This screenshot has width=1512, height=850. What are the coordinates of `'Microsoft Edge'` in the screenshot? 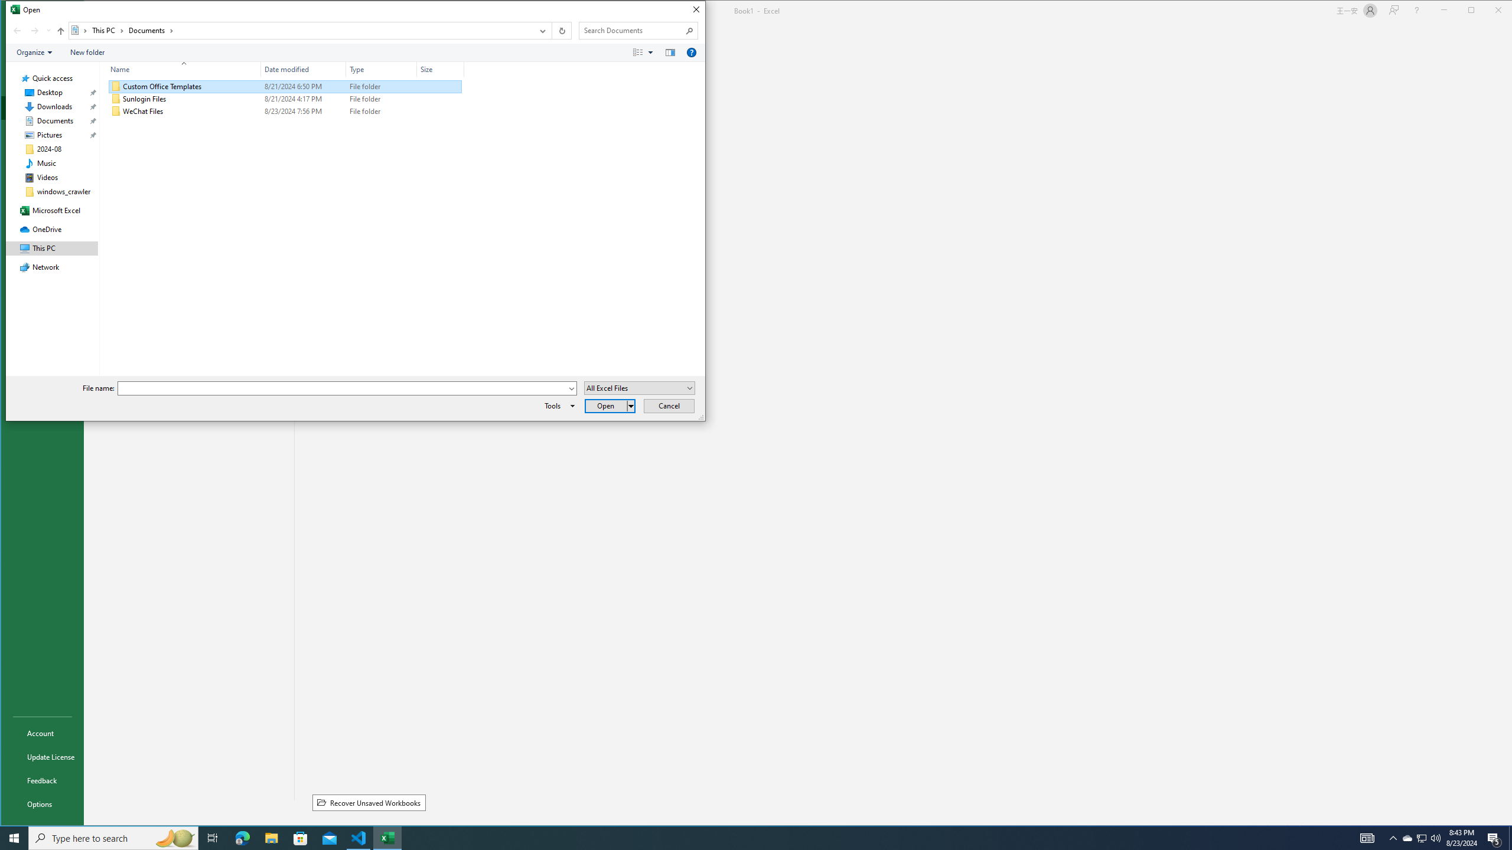 It's located at (242, 837).